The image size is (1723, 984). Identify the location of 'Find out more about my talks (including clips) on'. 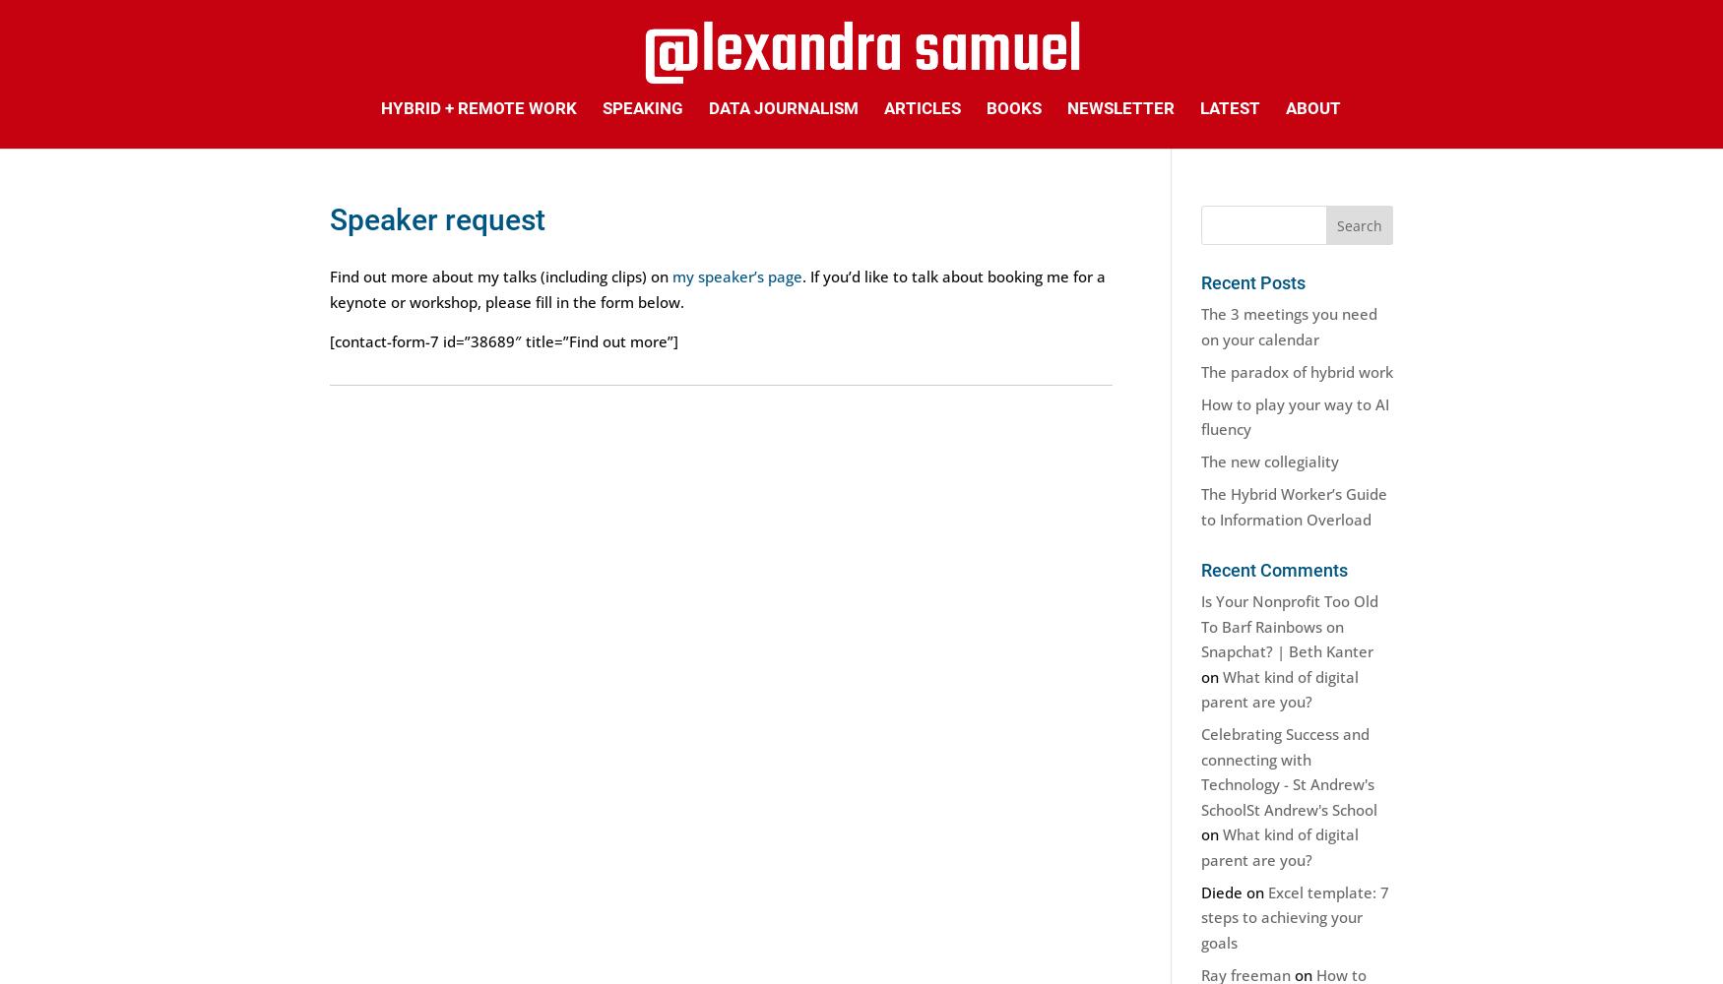
(500, 277).